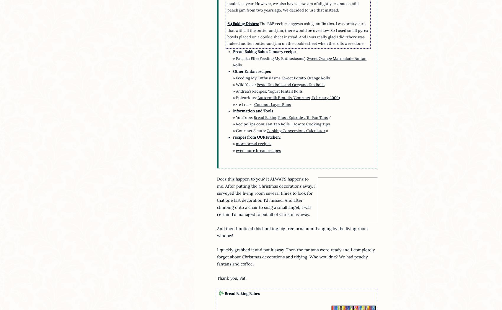 The height and width of the screenshot is (310, 502). Describe the element at coordinates (232, 117) in the screenshot. I see `'» YouTube:'` at that location.